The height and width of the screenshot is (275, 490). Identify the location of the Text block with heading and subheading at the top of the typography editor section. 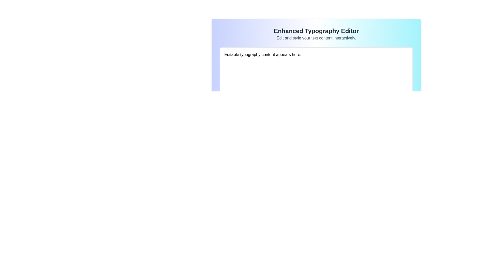
(316, 34).